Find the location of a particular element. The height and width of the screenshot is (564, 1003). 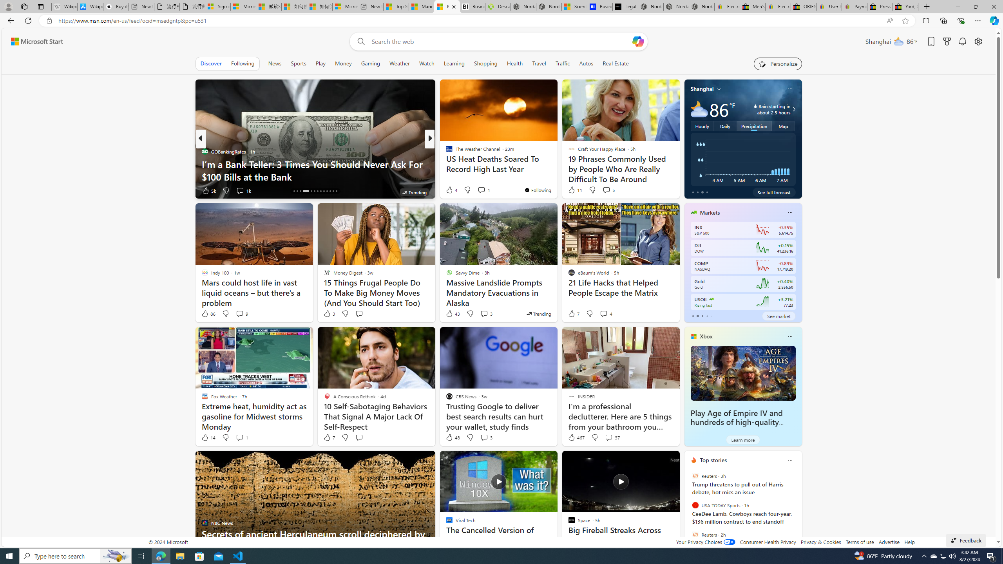

'Health' is located at coordinates (514, 63).